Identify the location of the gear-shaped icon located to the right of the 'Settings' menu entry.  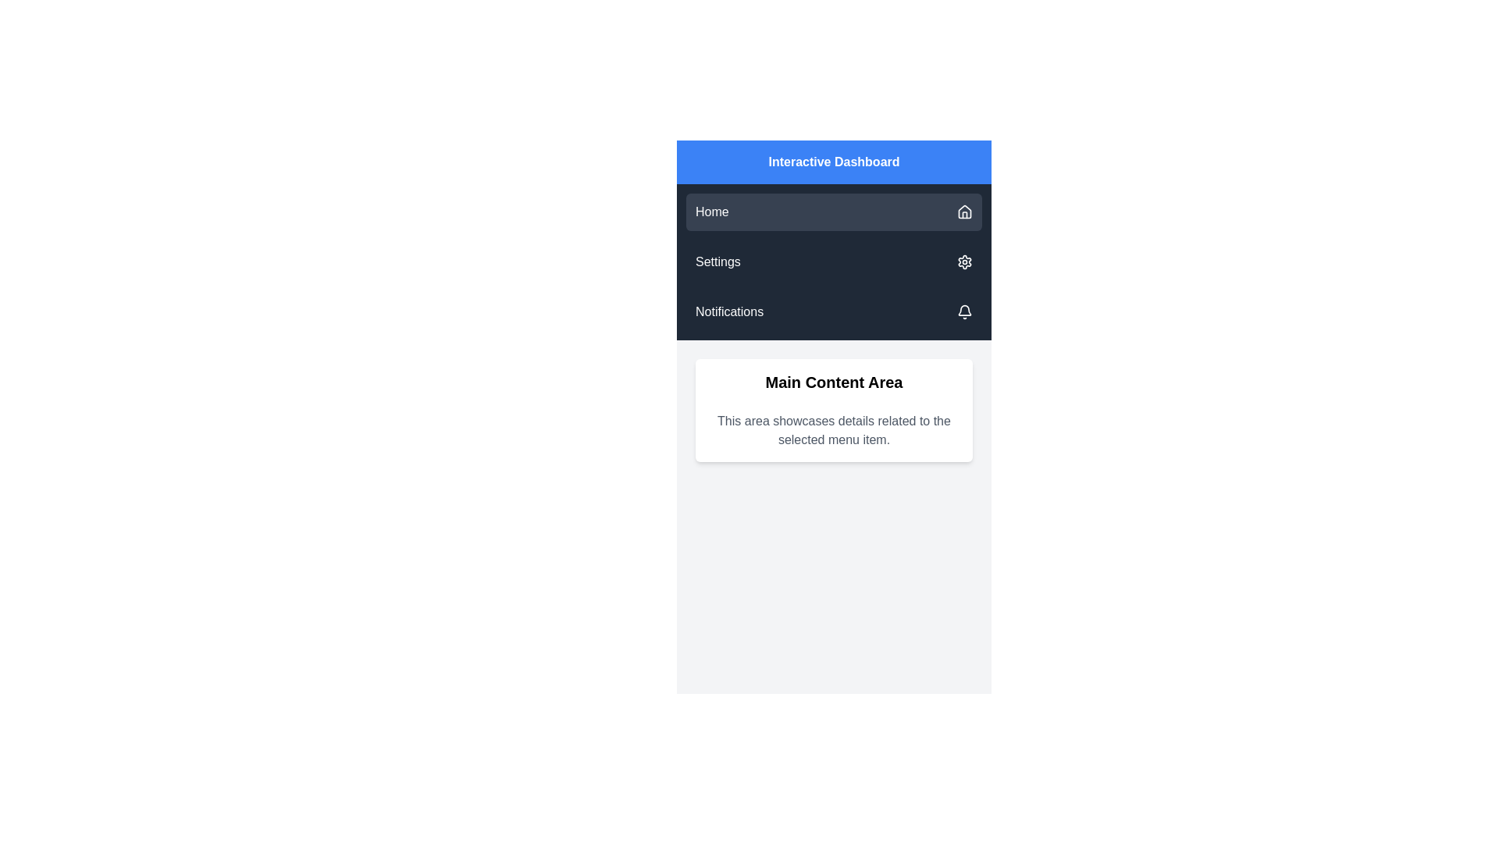
(964, 261).